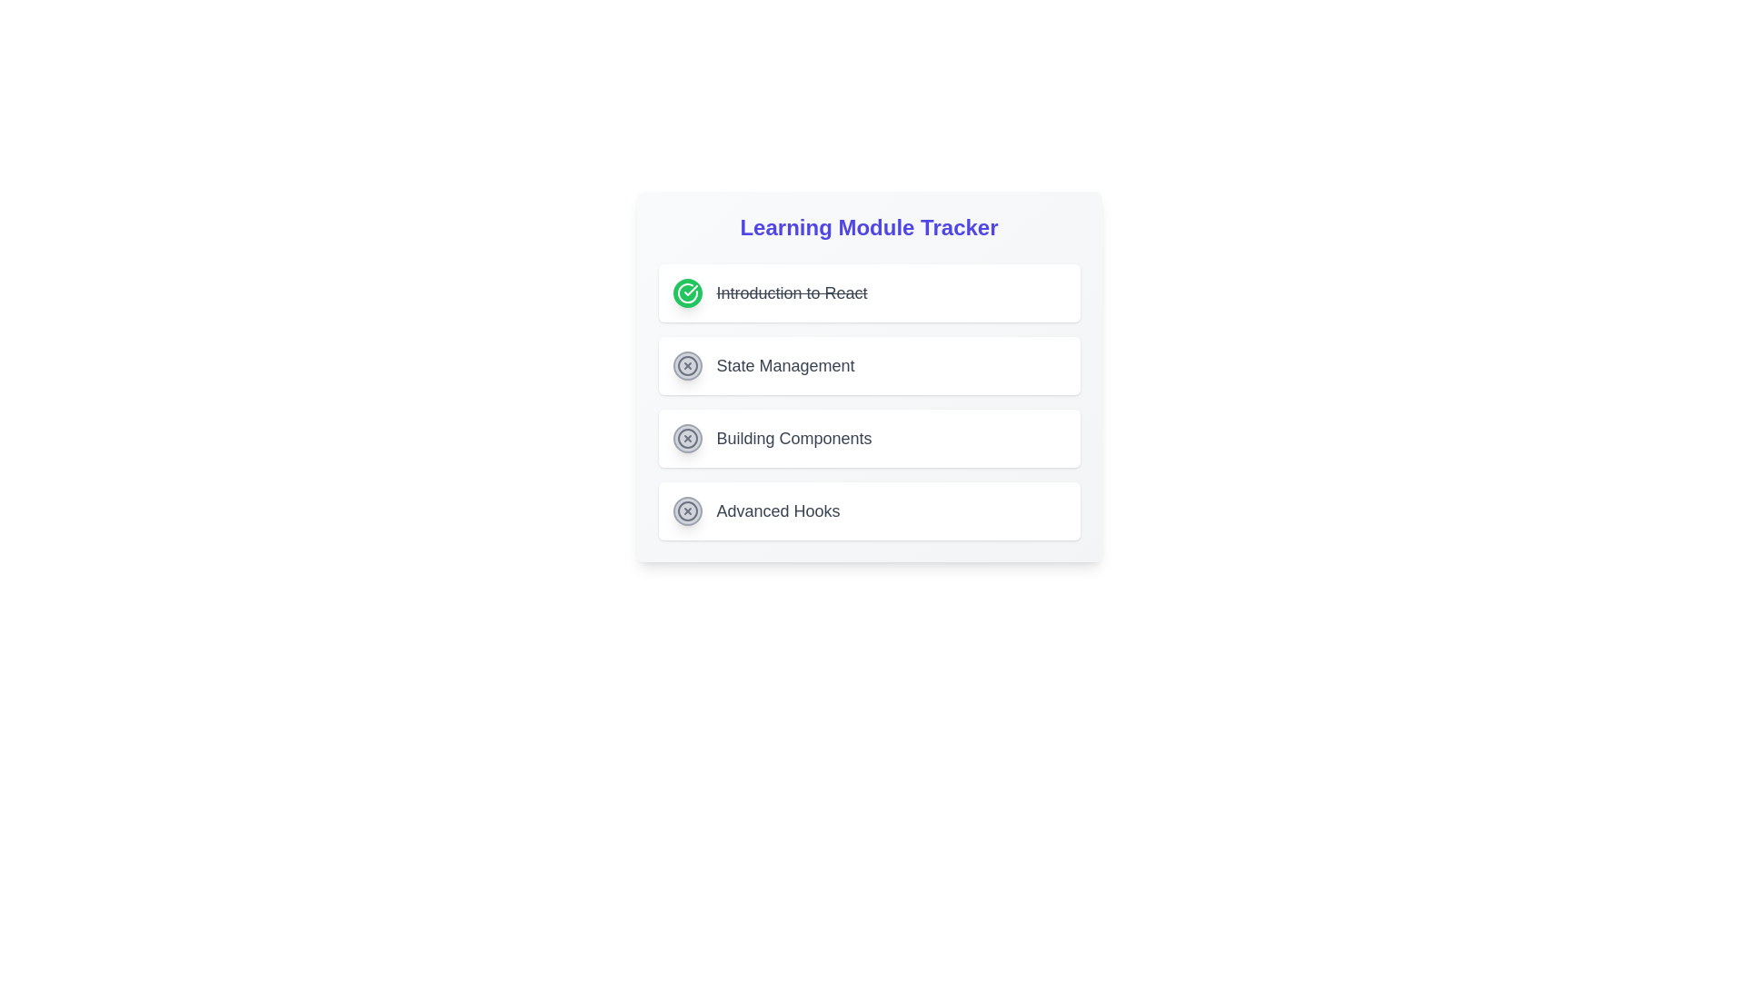 The image size is (1745, 981). I want to click on the label of the second item in the Learning Module Tracker, which represents the 'State Management' module, so click(763, 365).